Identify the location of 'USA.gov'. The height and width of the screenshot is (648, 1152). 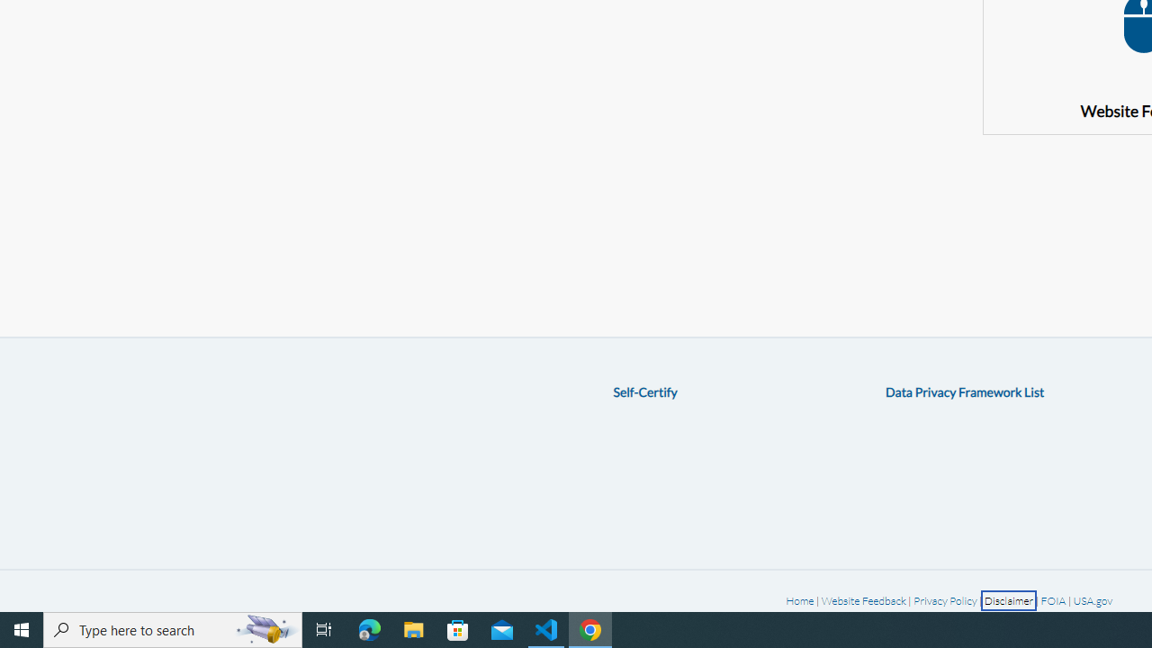
(1092, 600).